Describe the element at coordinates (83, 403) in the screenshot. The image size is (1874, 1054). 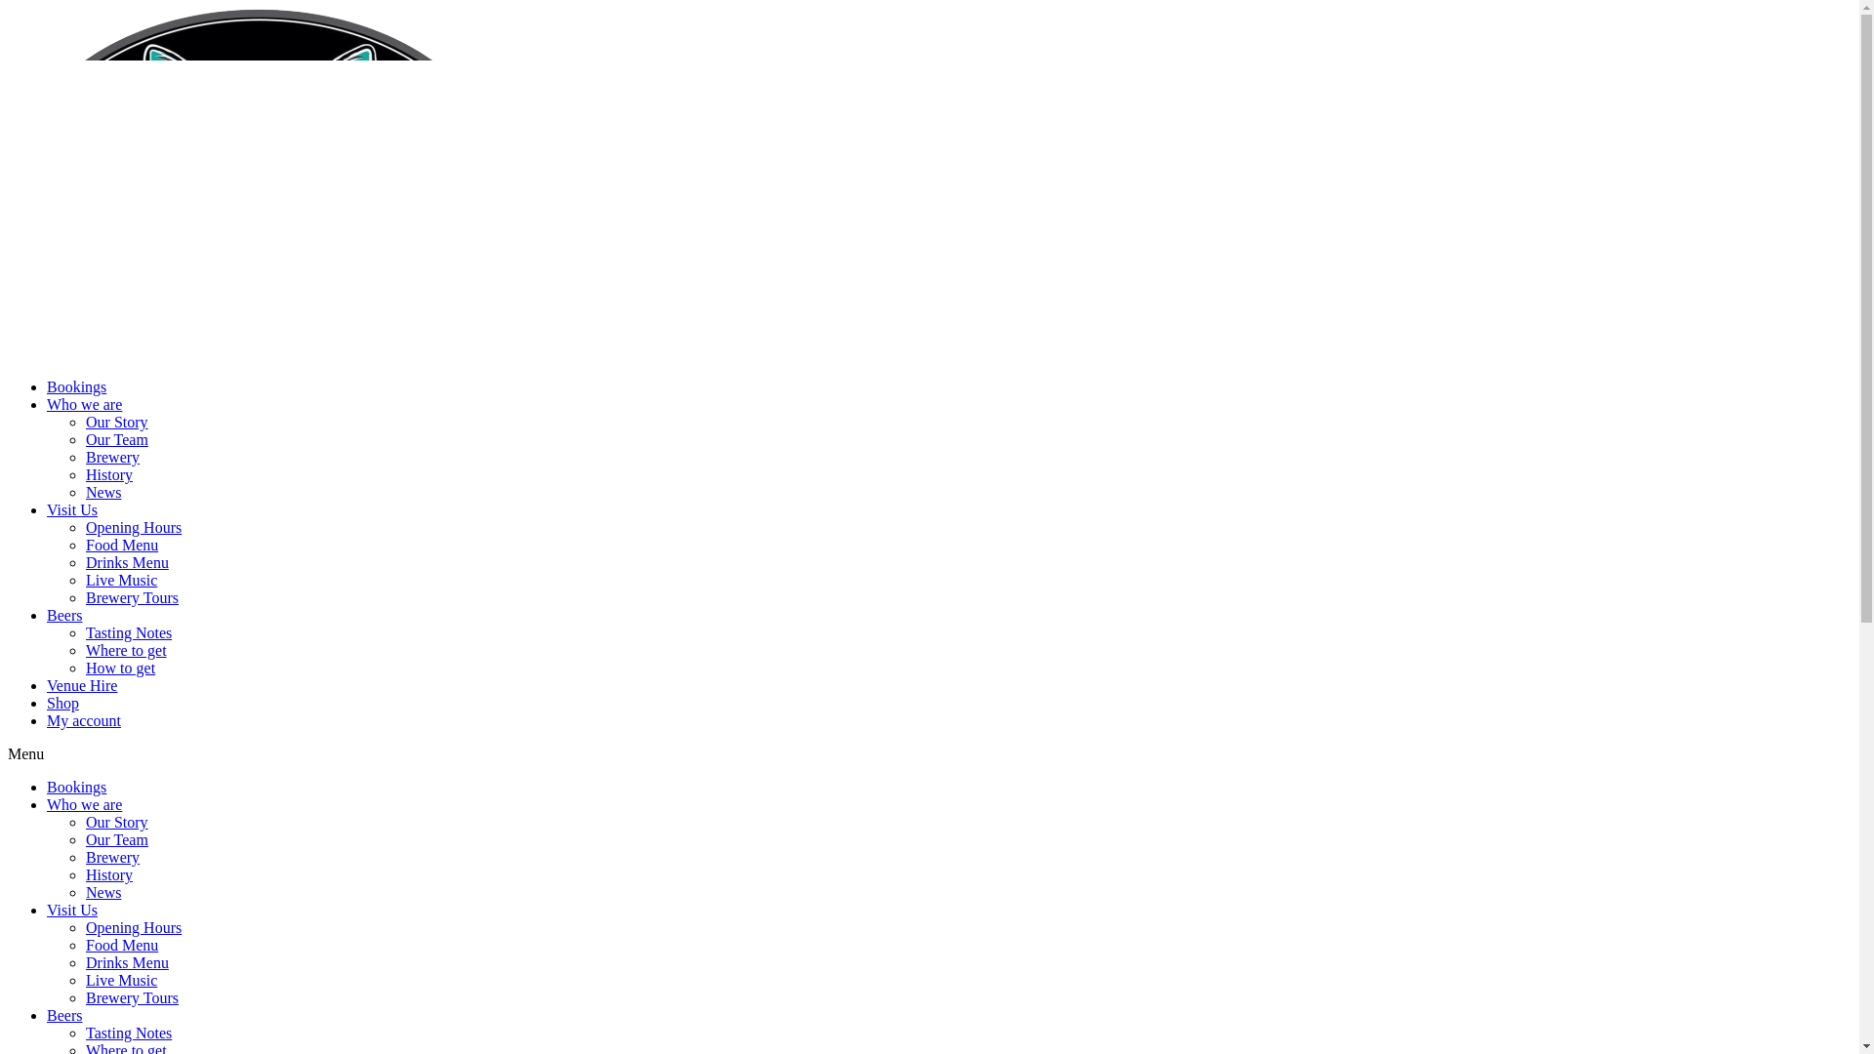
I see `'Who we are'` at that location.